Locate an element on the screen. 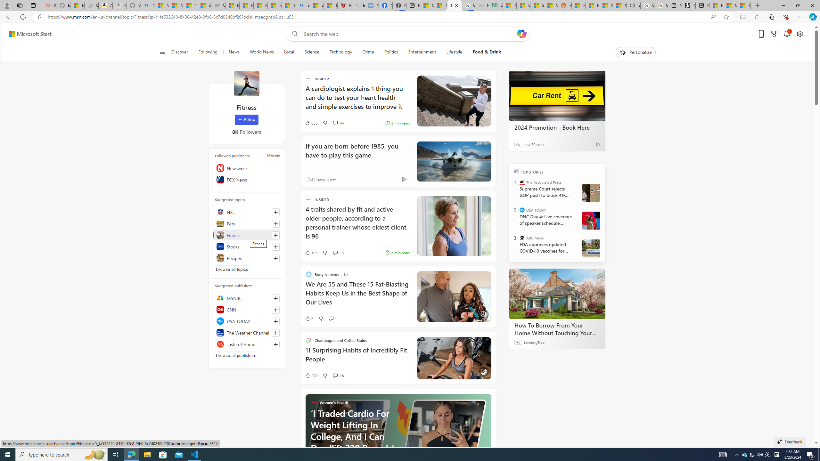 The image size is (820, 461). 'World News' is located at coordinates (261, 52).